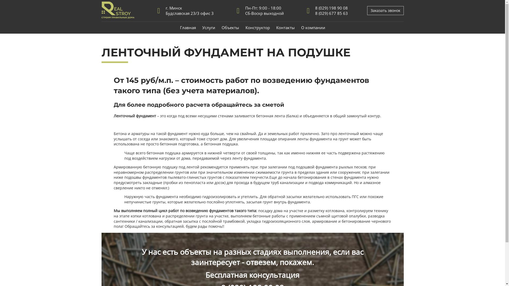 Image resolution: width=509 pixels, height=286 pixels. Describe the element at coordinates (331, 13) in the screenshot. I see `'8 (029) 677 85 63'` at that location.